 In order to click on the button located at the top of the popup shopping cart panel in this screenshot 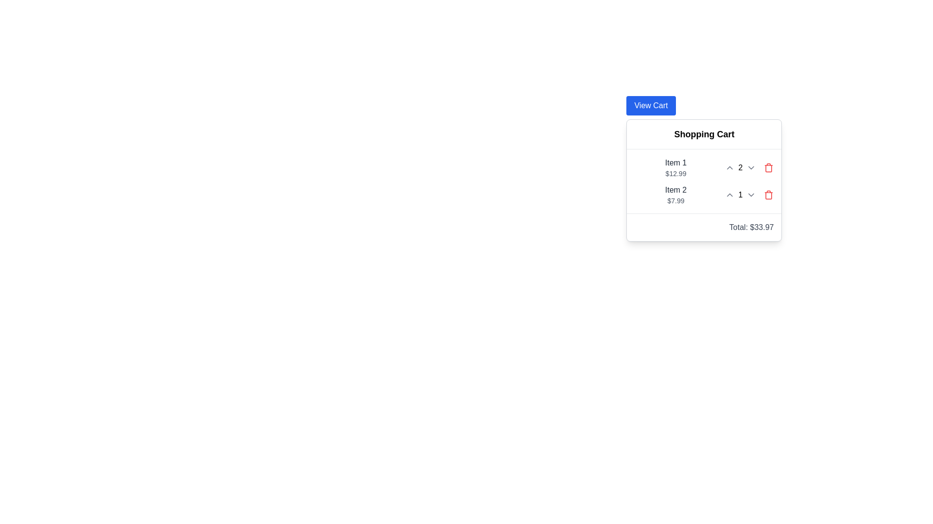, I will do `click(651, 106)`.